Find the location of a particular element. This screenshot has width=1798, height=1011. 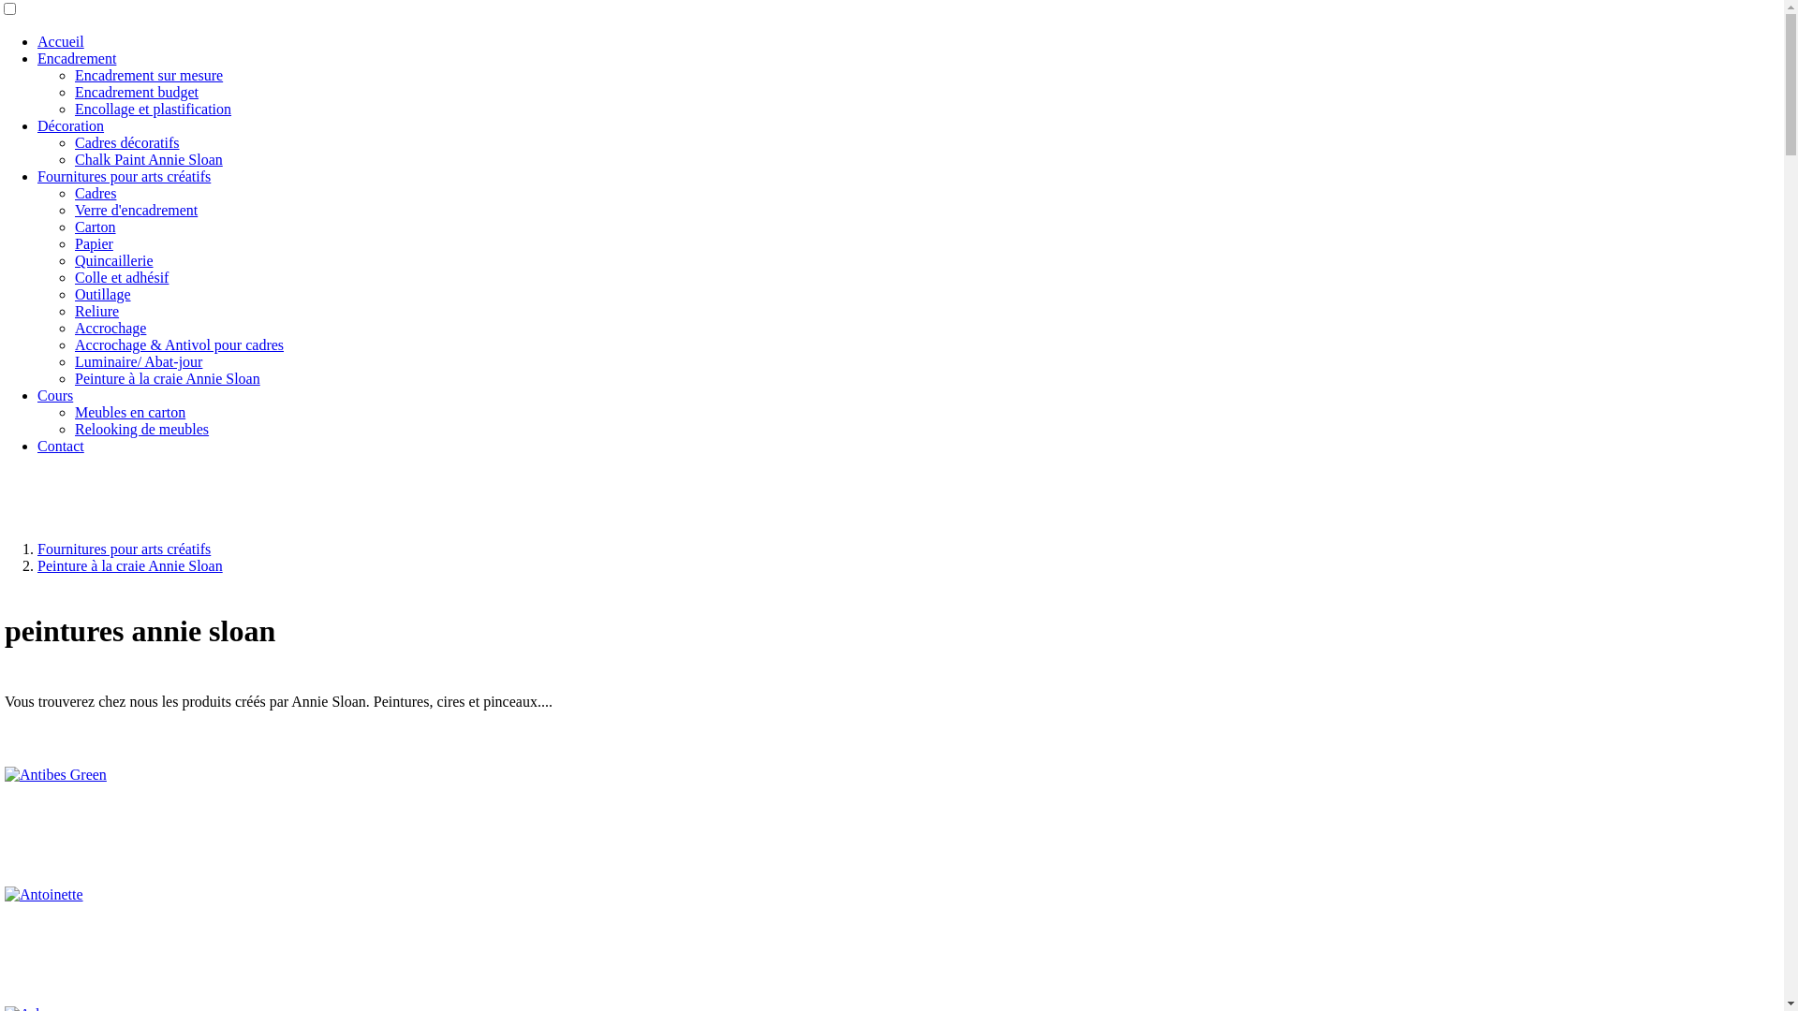

'Relooking de meubles' is located at coordinates (140, 429).